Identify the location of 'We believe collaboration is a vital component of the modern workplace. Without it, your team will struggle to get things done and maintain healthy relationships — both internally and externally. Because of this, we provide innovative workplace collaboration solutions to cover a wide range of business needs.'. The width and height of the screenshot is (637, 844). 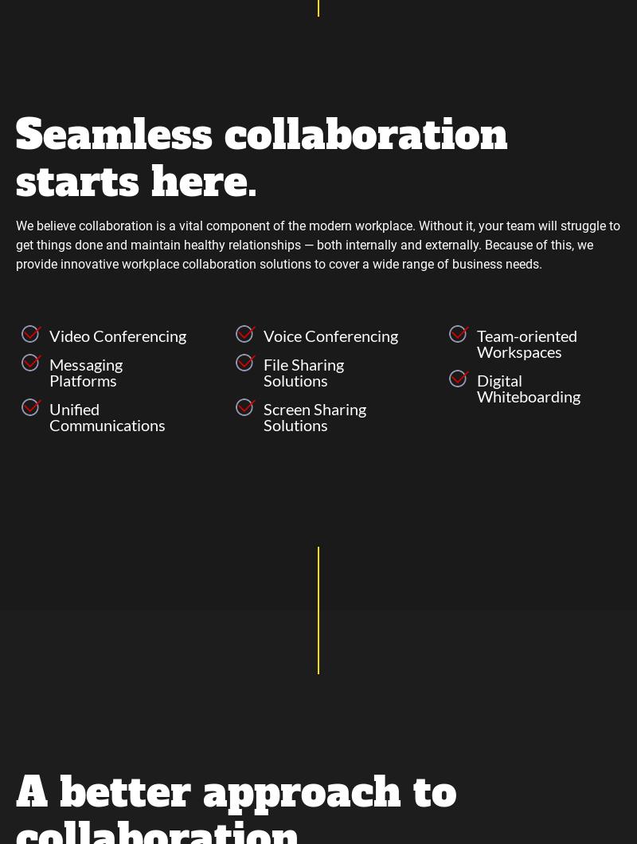
(317, 245).